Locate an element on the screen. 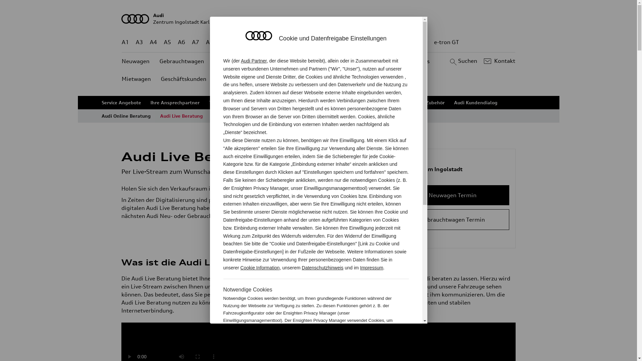  'A8' is located at coordinates (209, 42).